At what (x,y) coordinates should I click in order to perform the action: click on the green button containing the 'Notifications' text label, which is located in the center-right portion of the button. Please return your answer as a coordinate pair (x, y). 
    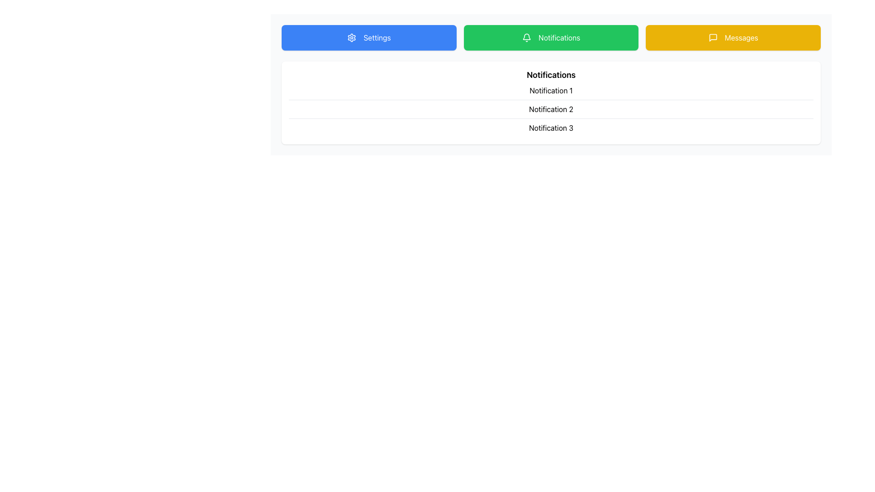
    Looking at the image, I should click on (559, 37).